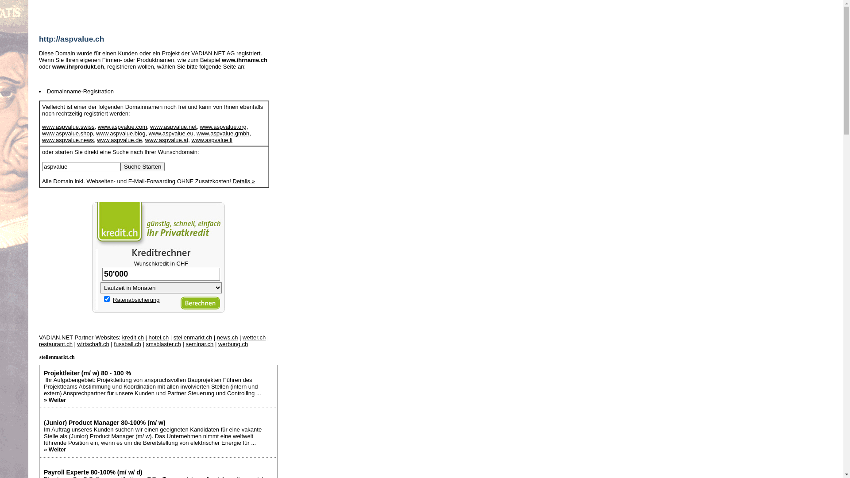  What do you see at coordinates (227, 337) in the screenshot?
I see `'news.ch'` at bounding box center [227, 337].